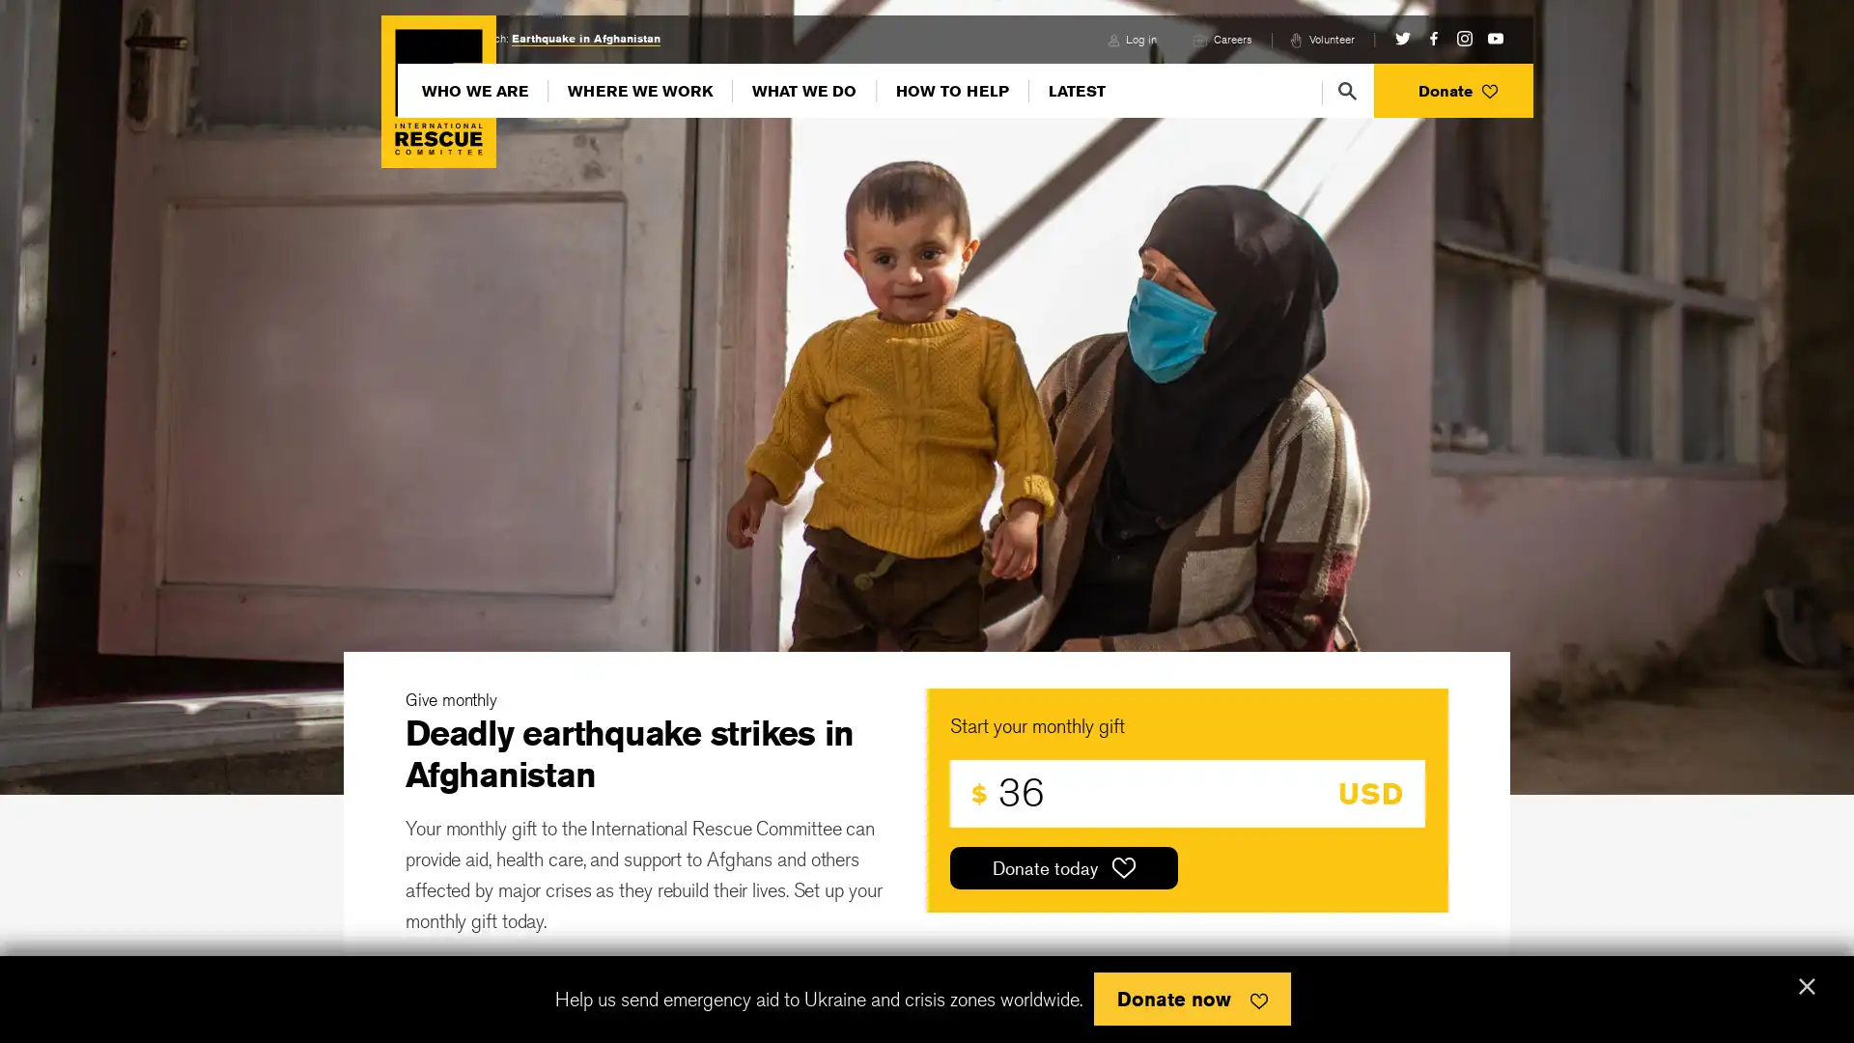 The width and height of the screenshot is (1854, 1043). I want to click on Donate today, so click(1063, 866).